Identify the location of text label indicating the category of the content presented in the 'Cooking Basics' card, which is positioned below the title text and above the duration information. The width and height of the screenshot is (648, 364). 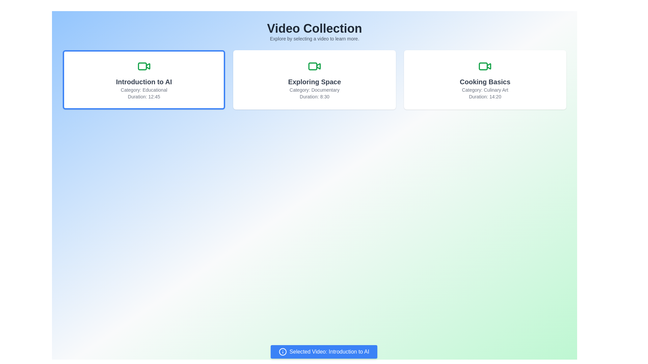
(485, 89).